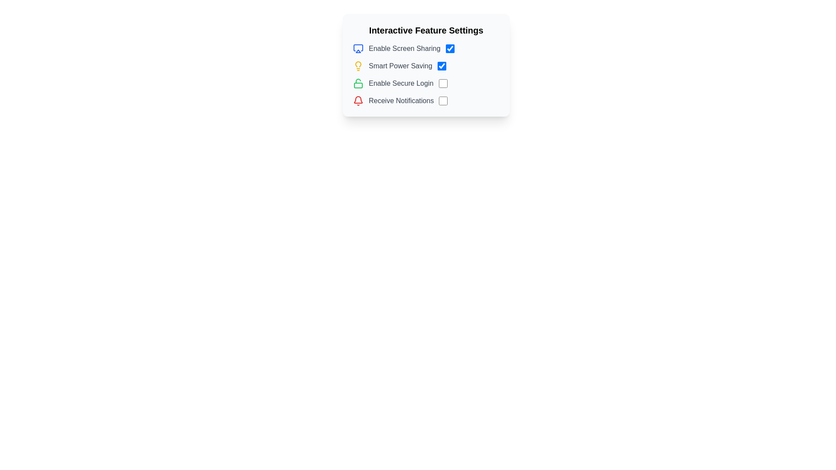 The width and height of the screenshot is (836, 470). I want to click on the left portion of the lightbulb graphic which enhances the icon's filament representation in the 'Smart Power Saving' section, so click(358, 64).